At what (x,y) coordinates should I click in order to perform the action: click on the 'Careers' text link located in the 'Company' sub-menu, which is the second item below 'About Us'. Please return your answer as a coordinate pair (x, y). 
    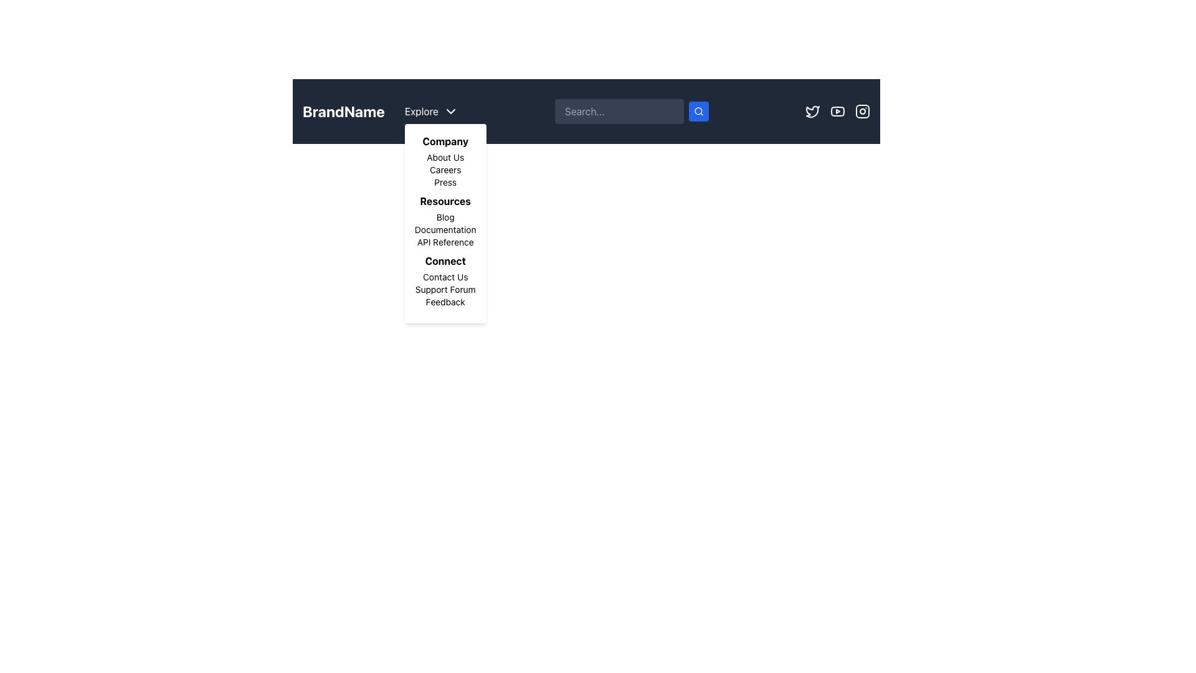
    Looking at the image, I should click on (445, 170).